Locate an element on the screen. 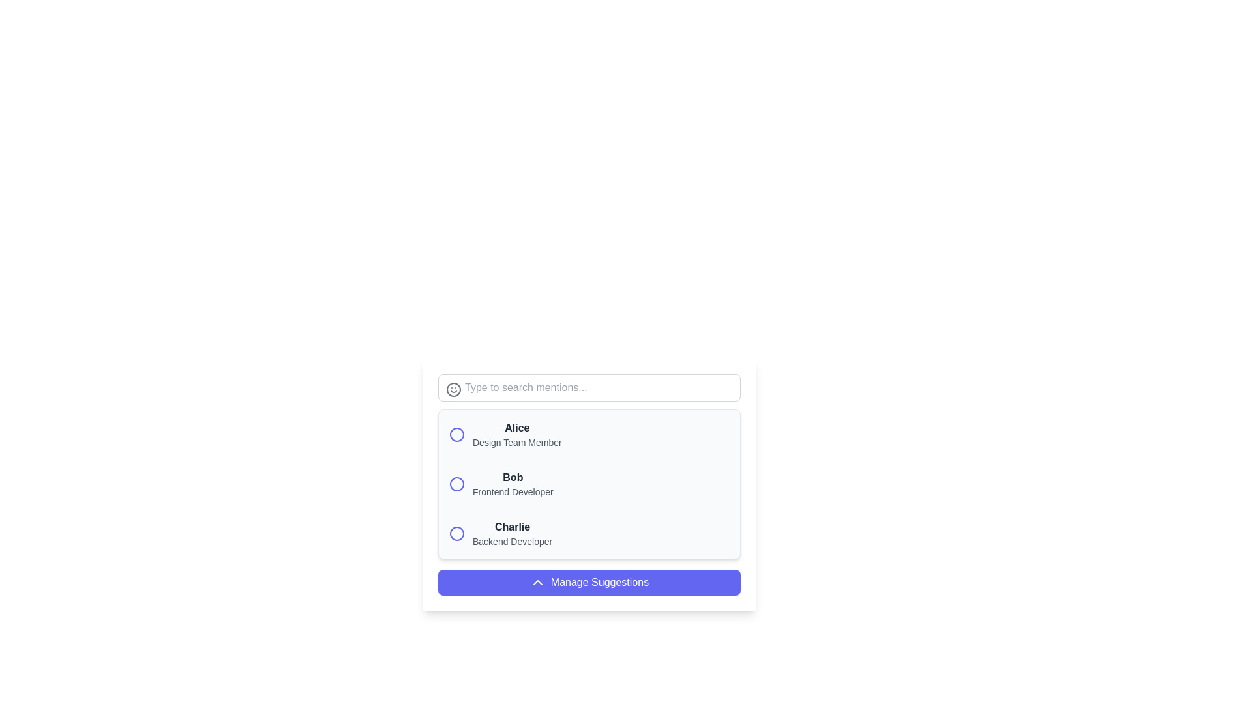 The width and height of the screenshot is (1252, 704). the circular radio button with an indigo border representing the selection indicator for 'Bob Frontend Developer' is located at coordinates (456, 484).